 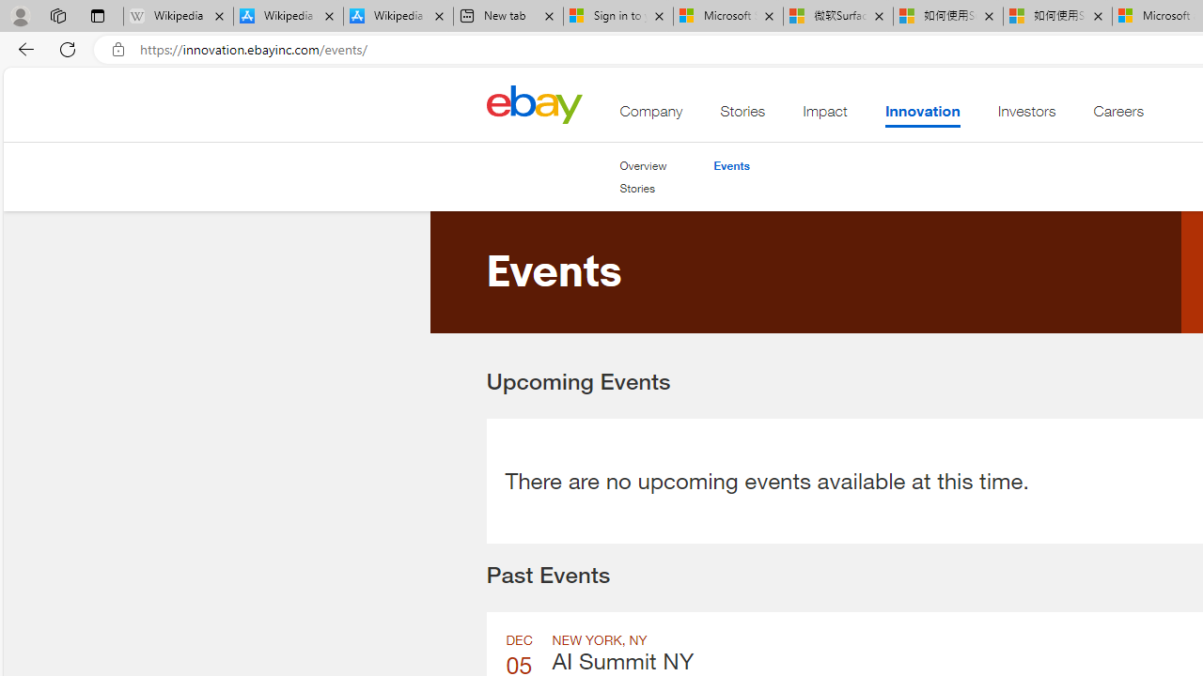 What do you see at coordinates (922, 115) in the screenshot?
I see `'Innovation'` at bounding box center [922, 115].